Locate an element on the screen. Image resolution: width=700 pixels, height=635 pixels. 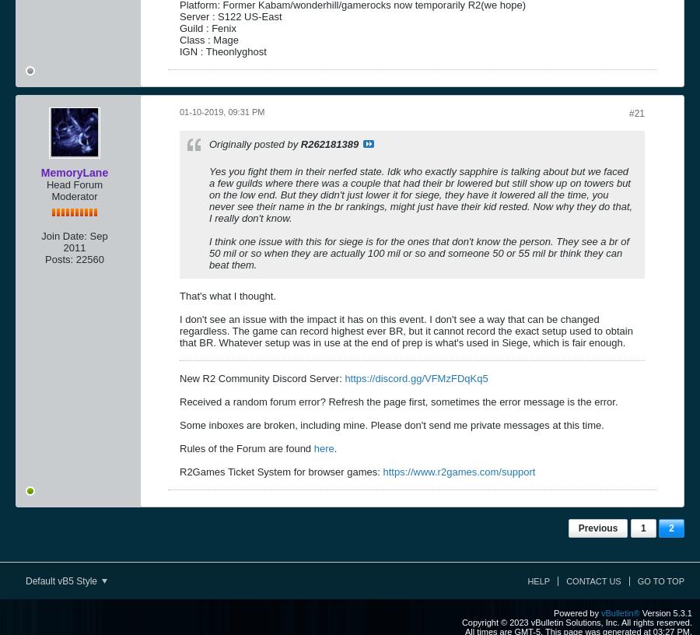
'Copyright © 2023 vBulletin Solutions, Inc. All rights reserved.' is located at coordinates (576, 622).